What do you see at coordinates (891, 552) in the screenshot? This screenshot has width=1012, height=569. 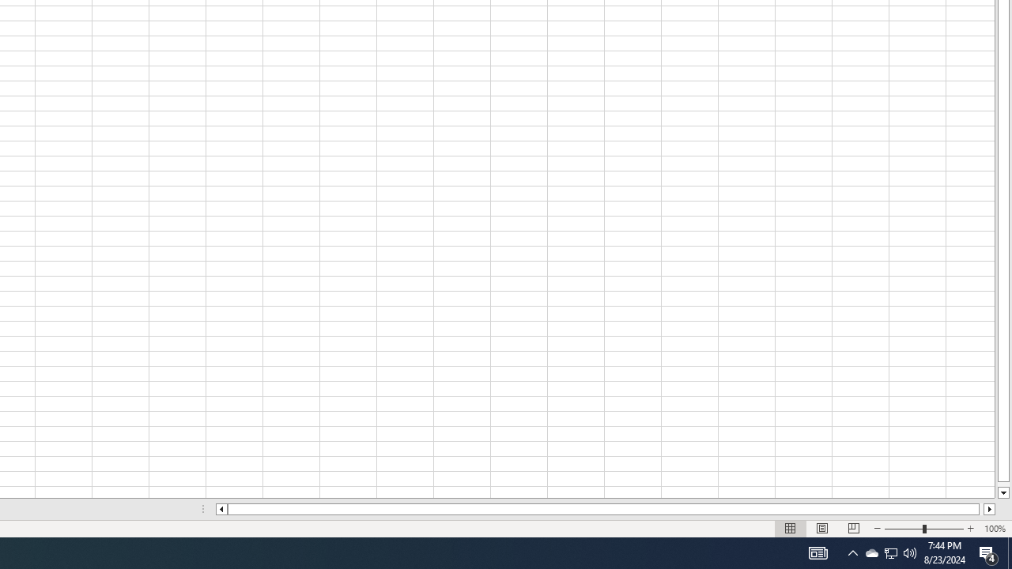 I see `'User Promoted Notification Area'` at bounding box center [891, 552].